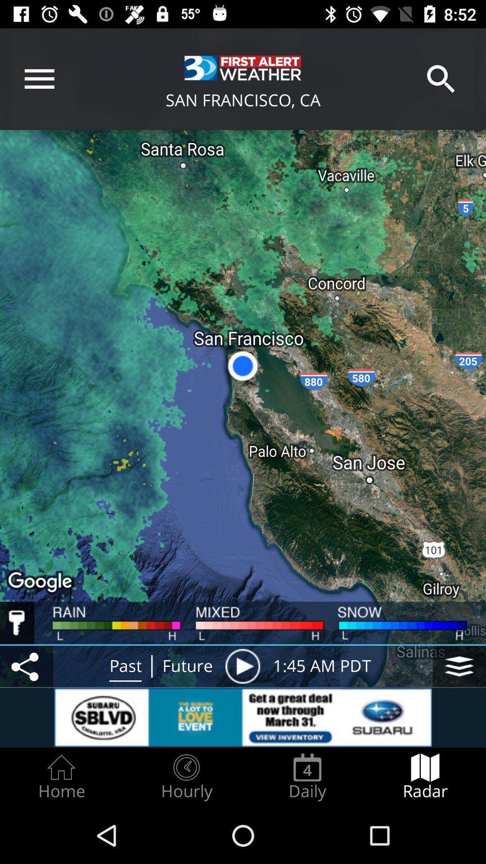 The width and height of the screenshot is (486, 864). Describe the element at coordinates (17, 622) in the screenshot. I see `key symbol` at that location.